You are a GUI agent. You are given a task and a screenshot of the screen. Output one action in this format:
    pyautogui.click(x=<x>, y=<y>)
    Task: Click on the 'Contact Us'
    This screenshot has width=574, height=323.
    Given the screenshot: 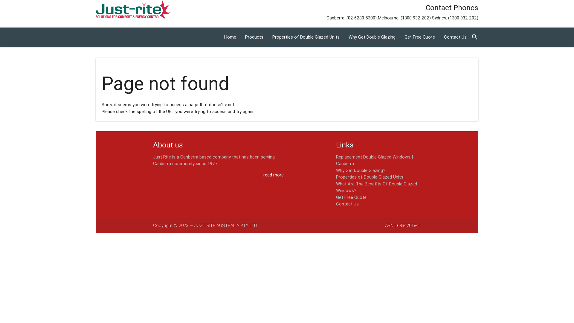 What is the action you would take?
    pyautogui.click(x=455, y=37)
    